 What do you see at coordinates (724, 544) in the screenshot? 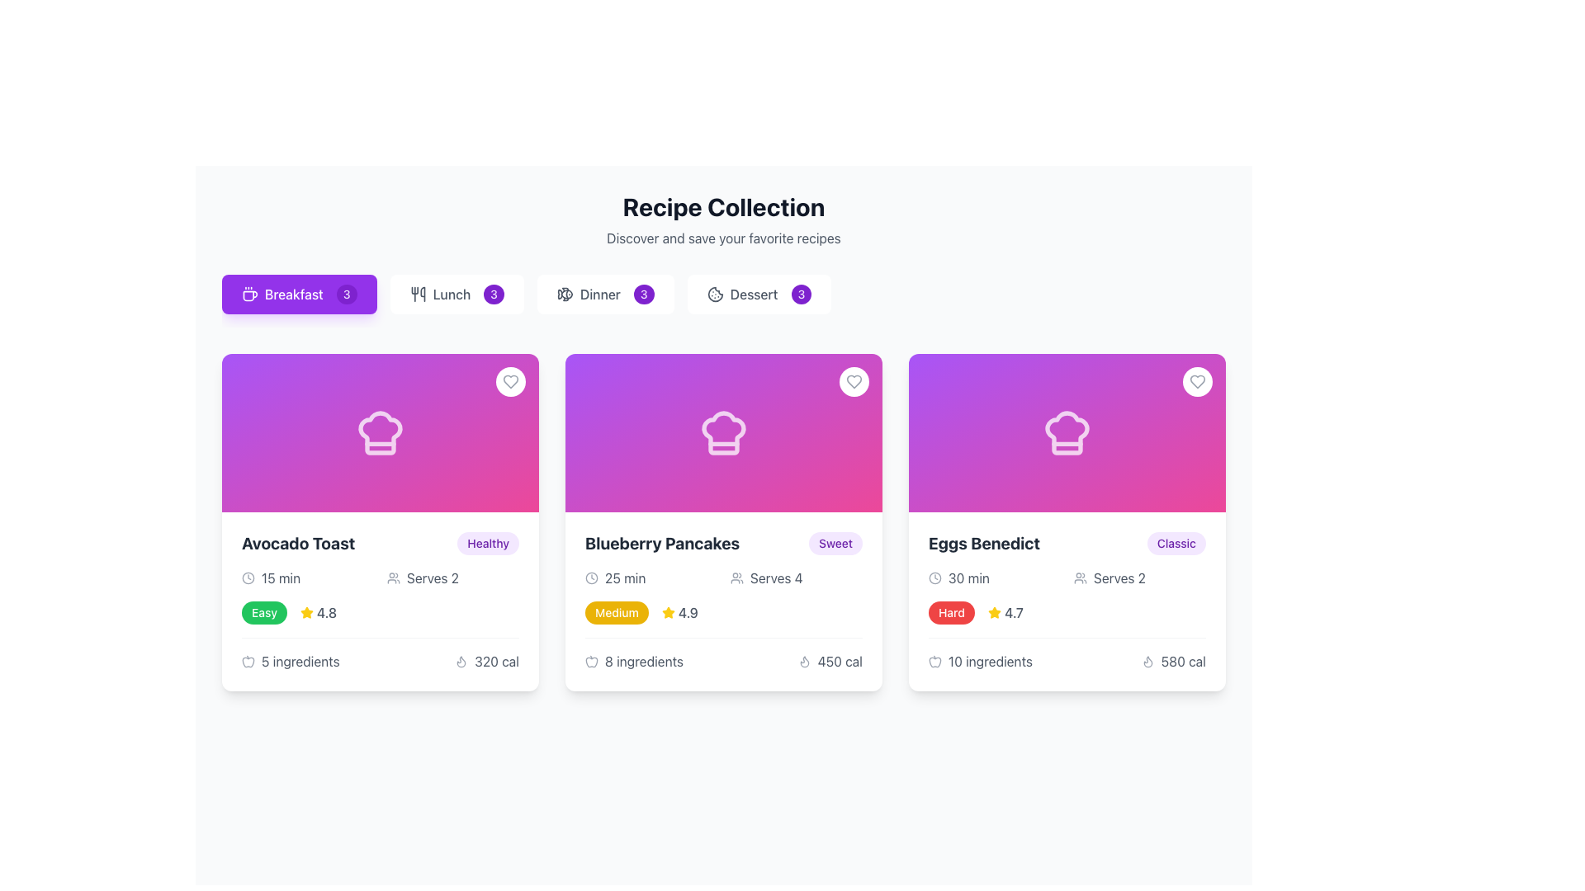
I see `the recipe name in the Composite text block located at the top of the second recipe card from the left, beneath the chef's hat icon` at bounding box center [724, 544].